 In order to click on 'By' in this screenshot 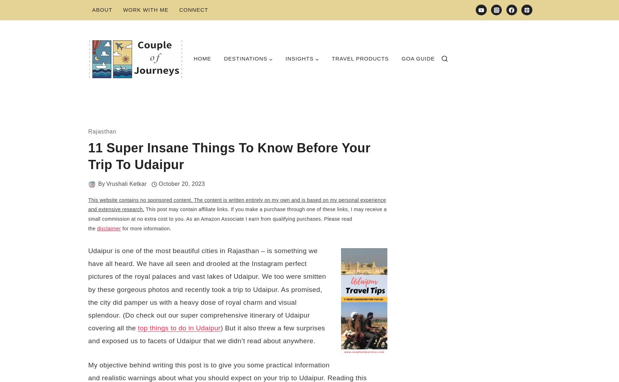, I will do `click(101, 183)`.